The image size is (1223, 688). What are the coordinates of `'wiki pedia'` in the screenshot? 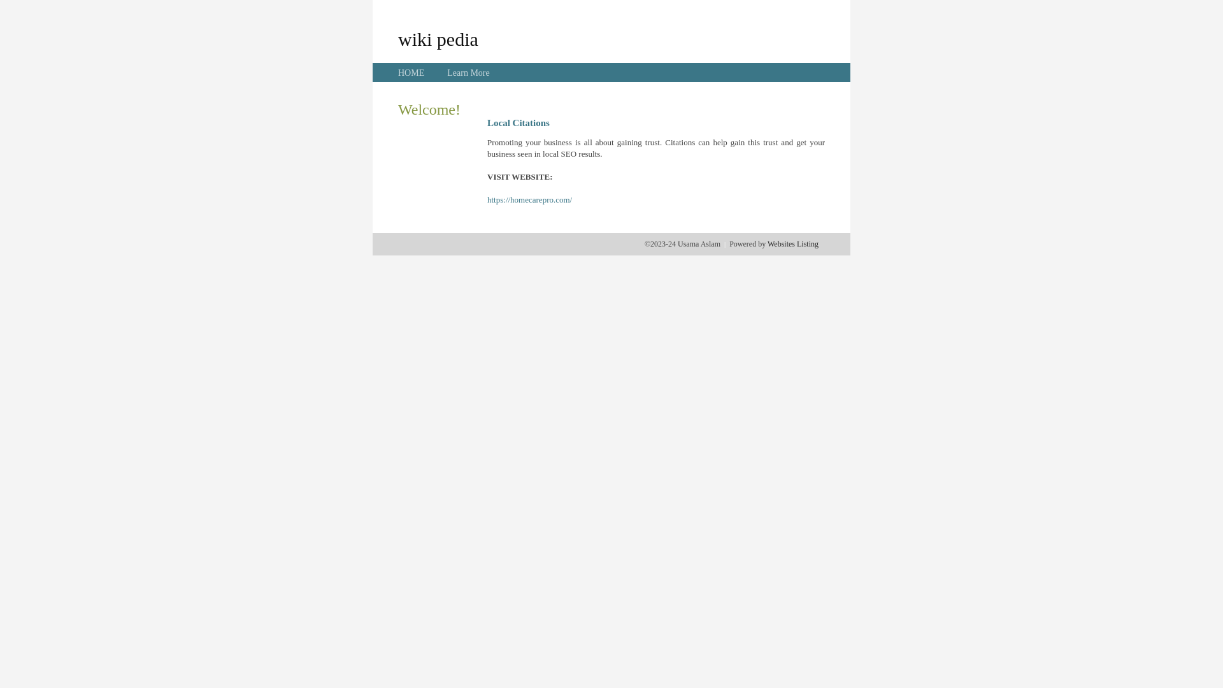 It's located at (397, 38).